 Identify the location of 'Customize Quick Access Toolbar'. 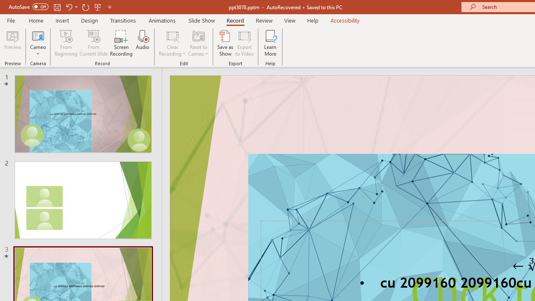
(110, 7).